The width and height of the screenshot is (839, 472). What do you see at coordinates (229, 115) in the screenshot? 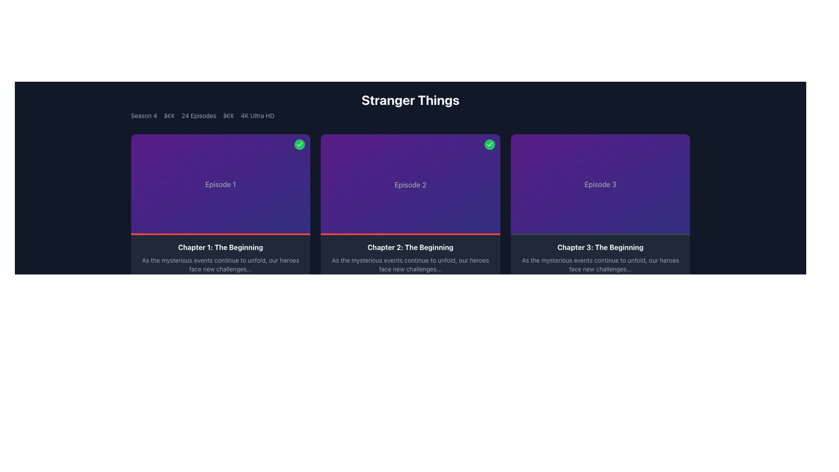
I see `the separator element located between '24 Episodes' and '4K Ultra HD' in the interface` at bounding box center [229, 115].